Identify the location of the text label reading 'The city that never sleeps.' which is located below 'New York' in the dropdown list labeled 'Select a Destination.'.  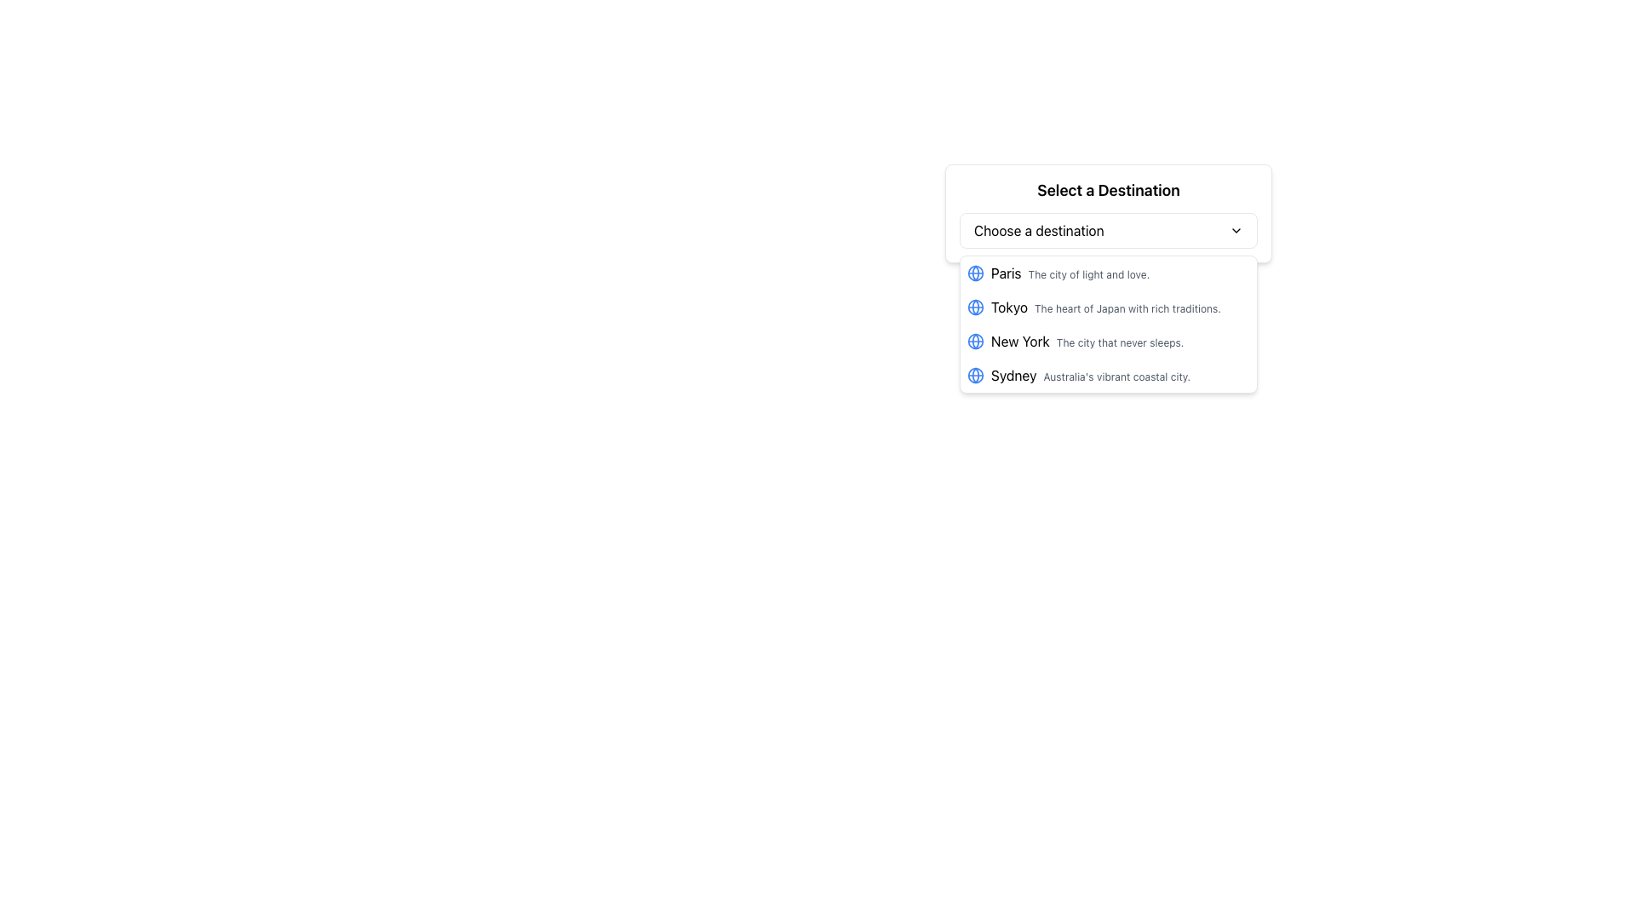
(1120, 342).